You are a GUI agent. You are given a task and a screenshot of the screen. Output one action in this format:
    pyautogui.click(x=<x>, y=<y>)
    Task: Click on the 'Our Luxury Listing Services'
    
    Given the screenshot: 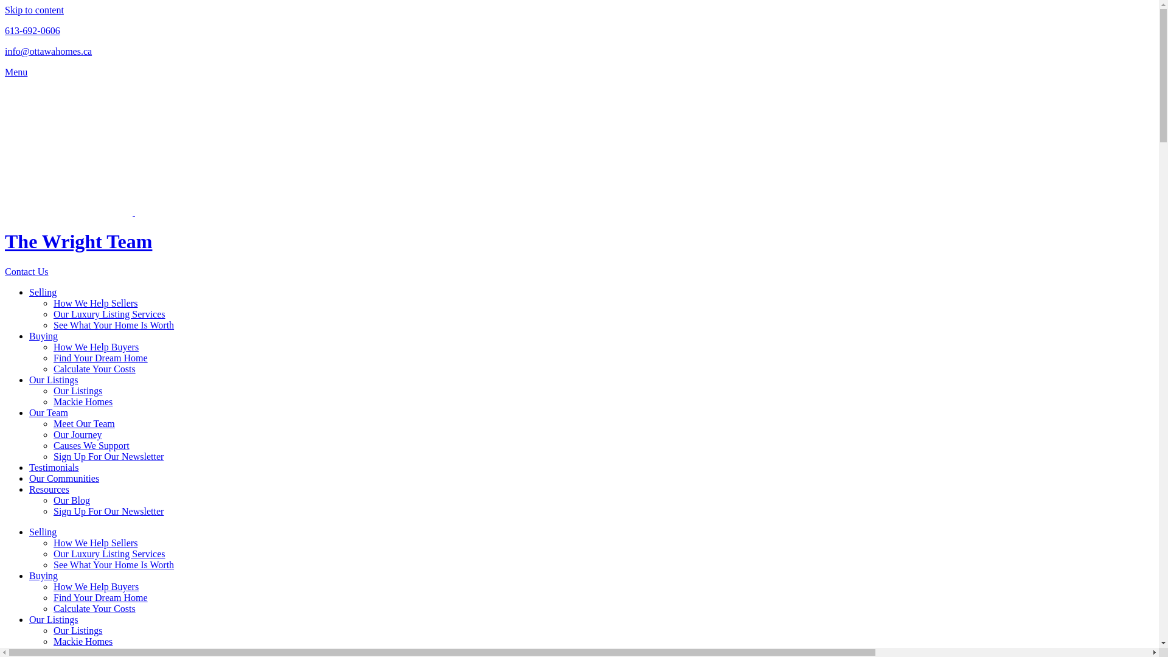 What is the action you would take?
    pyautogui.click(x=52, y=313)
    